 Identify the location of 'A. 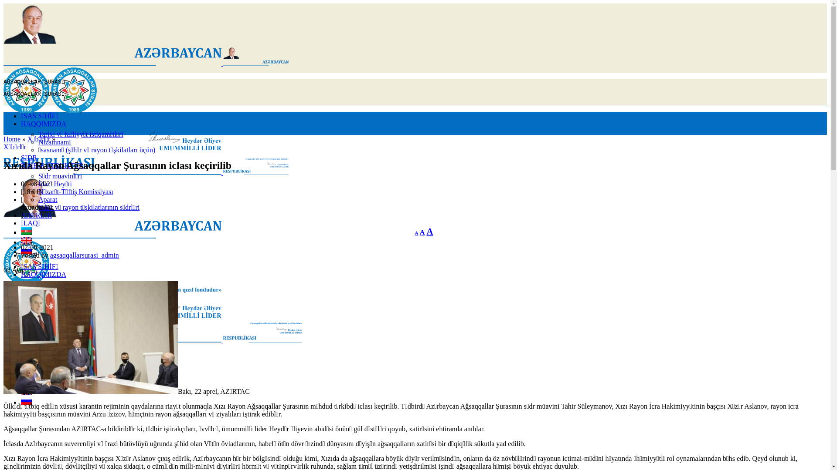
(420, 232).